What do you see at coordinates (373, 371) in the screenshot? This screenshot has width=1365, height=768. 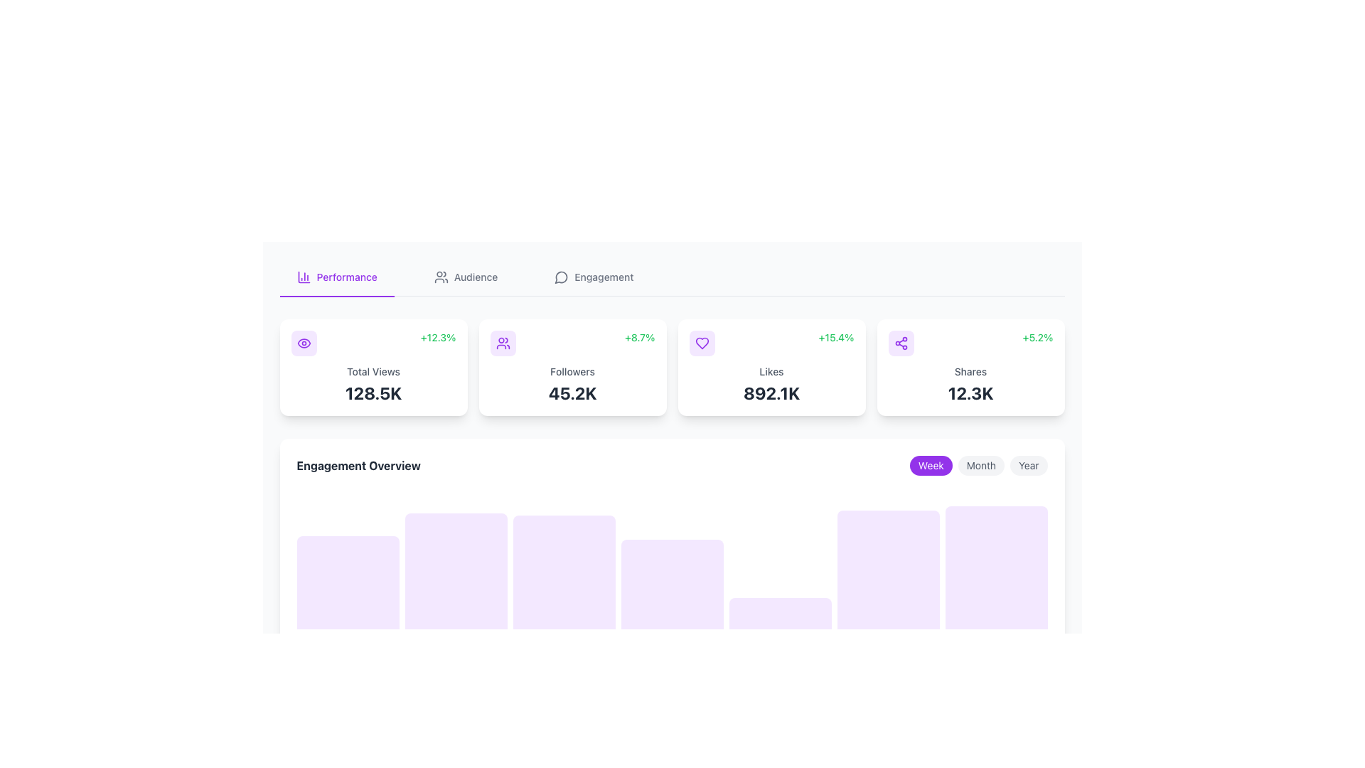 I see `the text label indicating total views, which is located within the first card on the dashboard, positioned below the percentage growth label and above the numerical statistic` at bounding box center [373, 371].